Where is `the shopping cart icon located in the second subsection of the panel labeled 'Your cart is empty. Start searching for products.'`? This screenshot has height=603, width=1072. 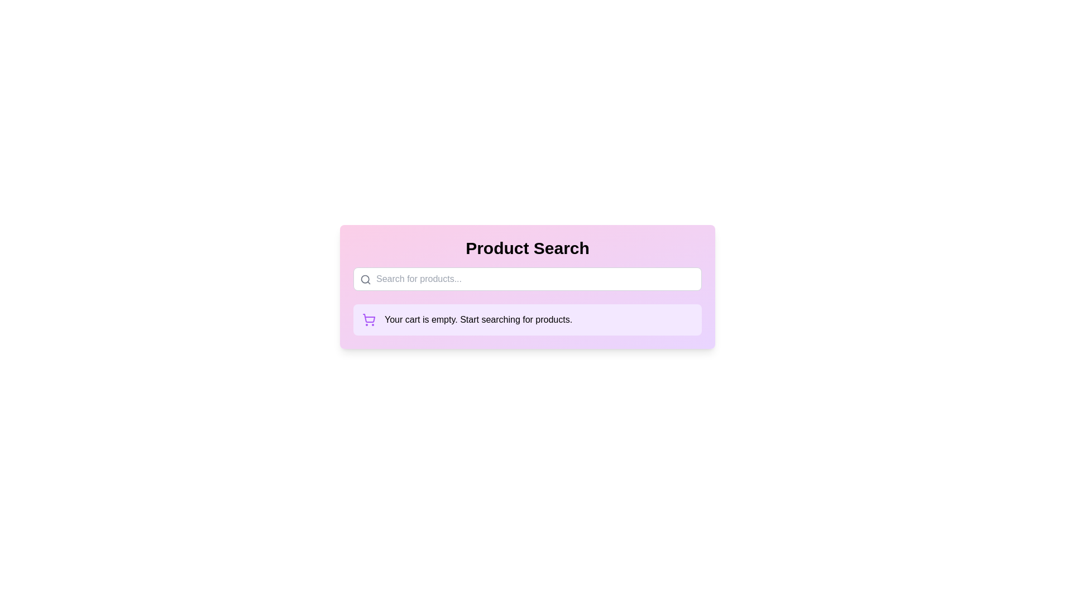
the shopping cart icon located in the second subsection of the panel labeled 'Your cart is empty. Start searching for products.' is located at coordinates (369, 320).